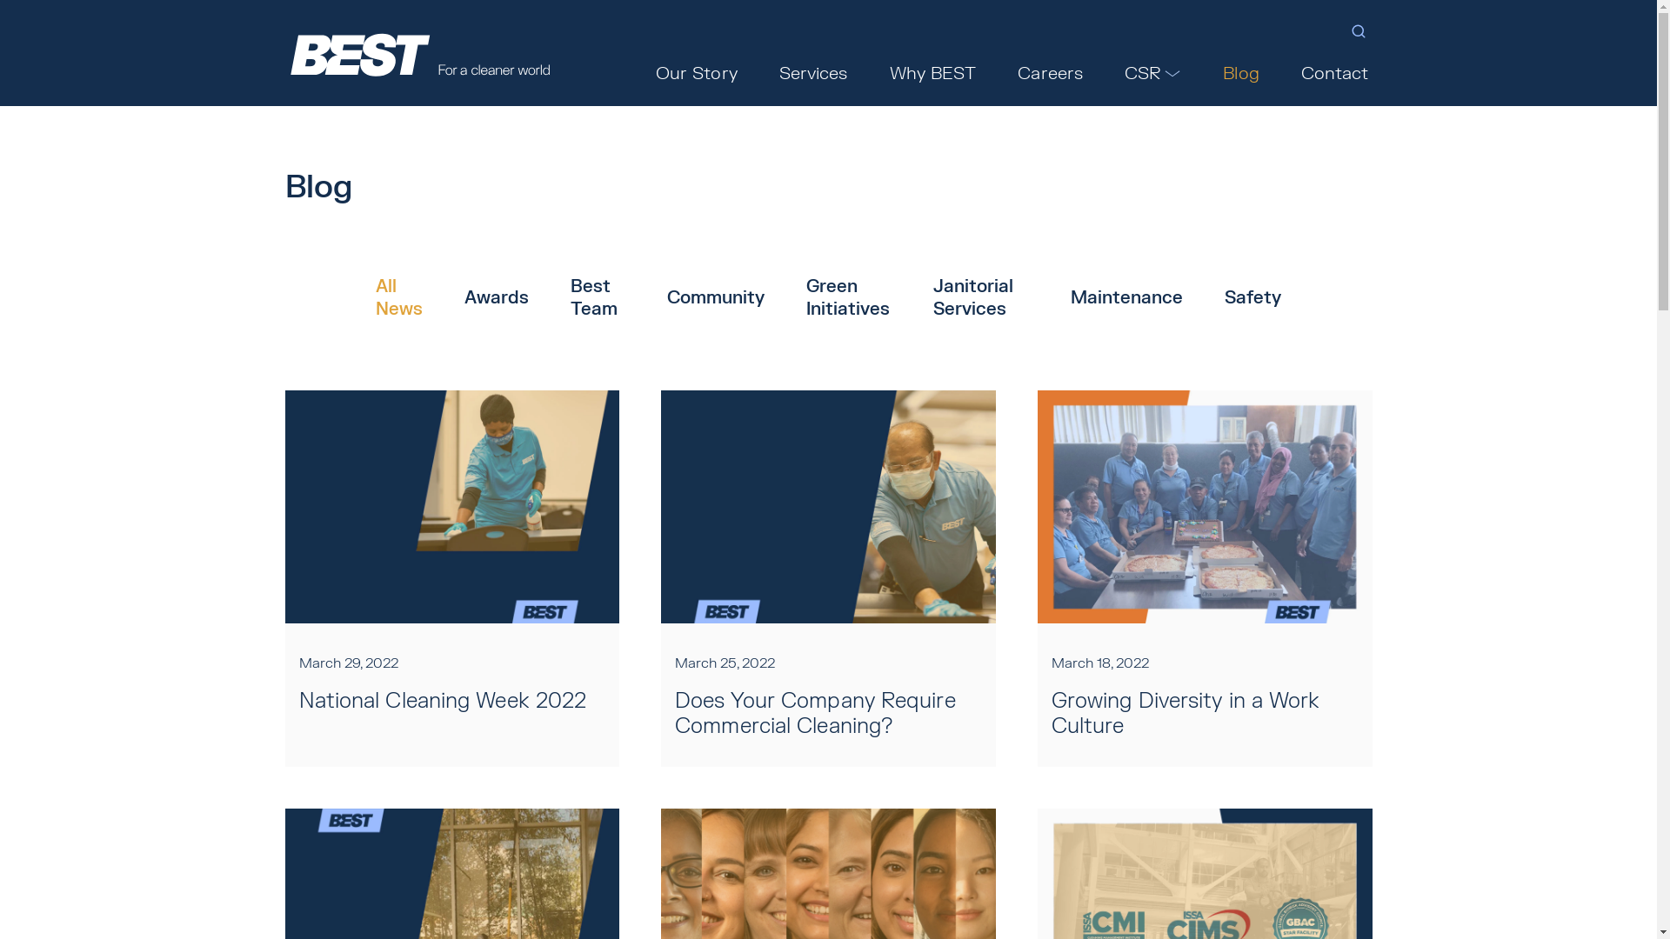  I want to click on 'March 18, 2022, so click(1204, 578).